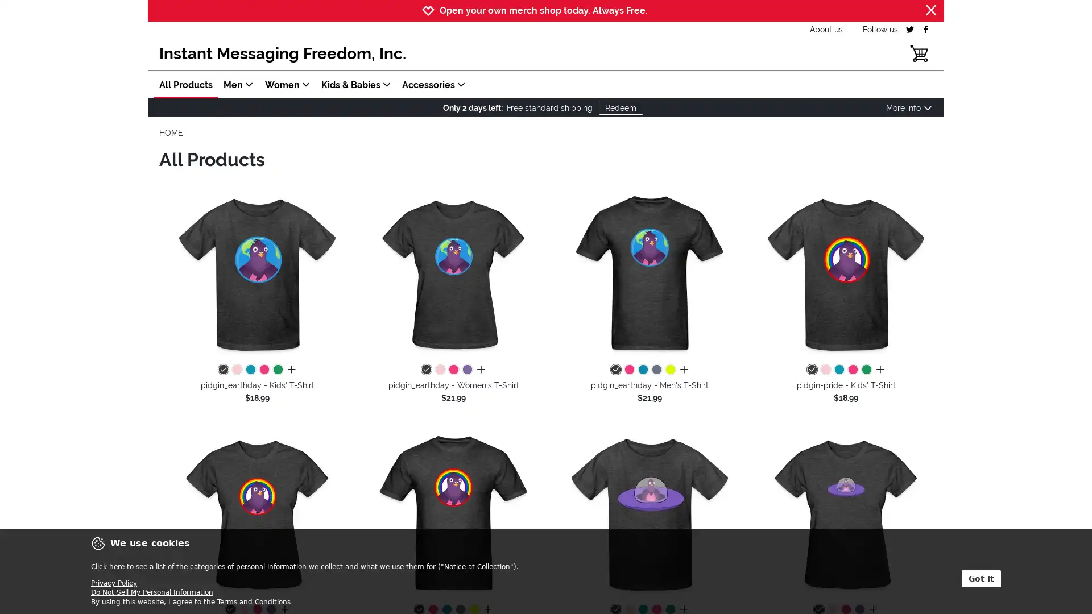  Describe the element at coordinates (614, 370) in the screenshot. I see `heather black` at that location.